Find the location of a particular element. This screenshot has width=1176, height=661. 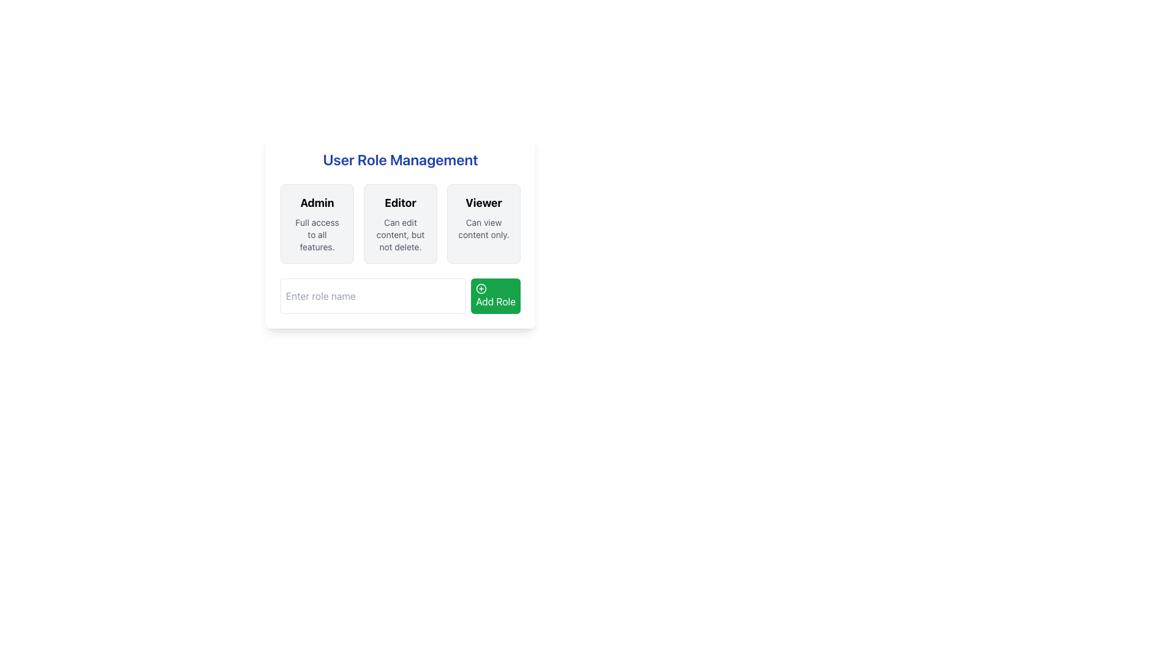

the text label that reads 'Can view content only' located beneath the title 'Viewer' within the bordered card on the right side of the 'User Role Management' section is located at coordinates (483, 229).